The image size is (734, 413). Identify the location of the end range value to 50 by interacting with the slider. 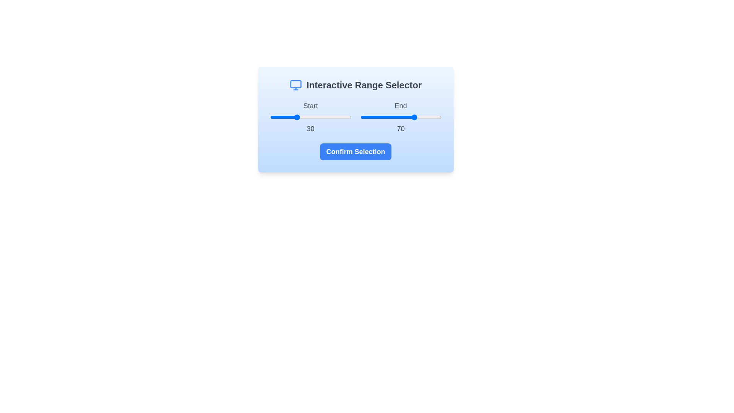
(400, 117).